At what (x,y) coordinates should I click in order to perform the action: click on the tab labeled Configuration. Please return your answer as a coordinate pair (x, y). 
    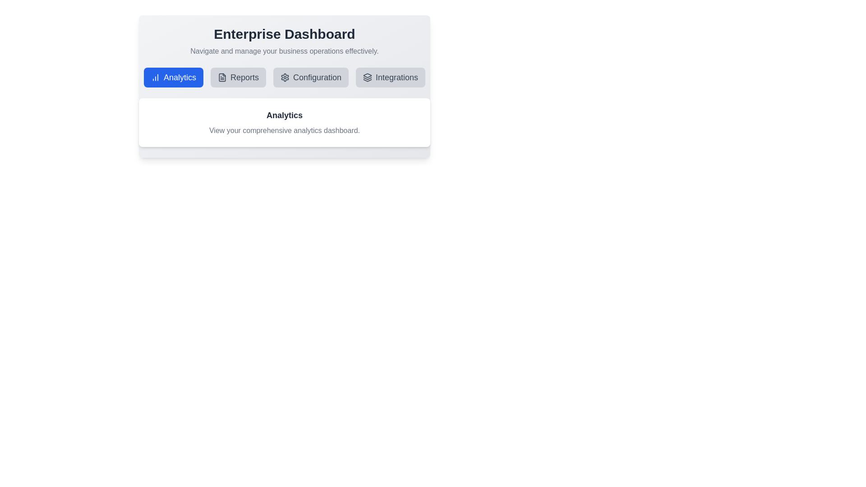
    Looking at the image, I should click on (311, 77).